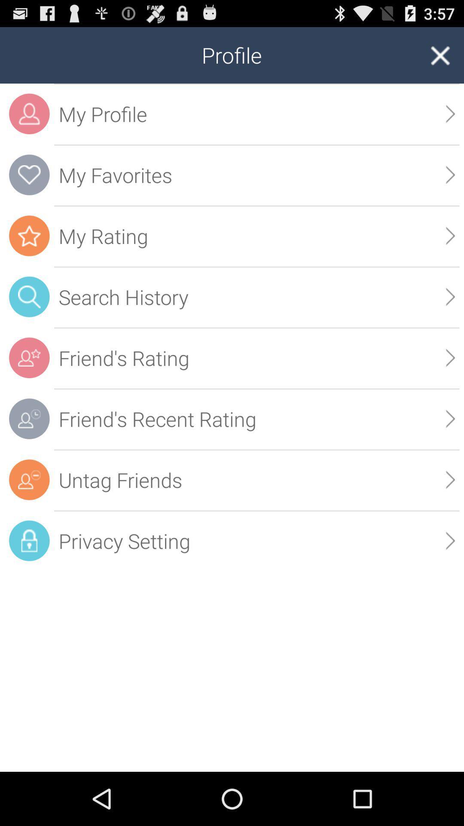 The image size is (464, 826). What do you see at coordinates (256, 236) in the screenshot?
I see `the app below my favorites app` at bounding box center [256, 236].